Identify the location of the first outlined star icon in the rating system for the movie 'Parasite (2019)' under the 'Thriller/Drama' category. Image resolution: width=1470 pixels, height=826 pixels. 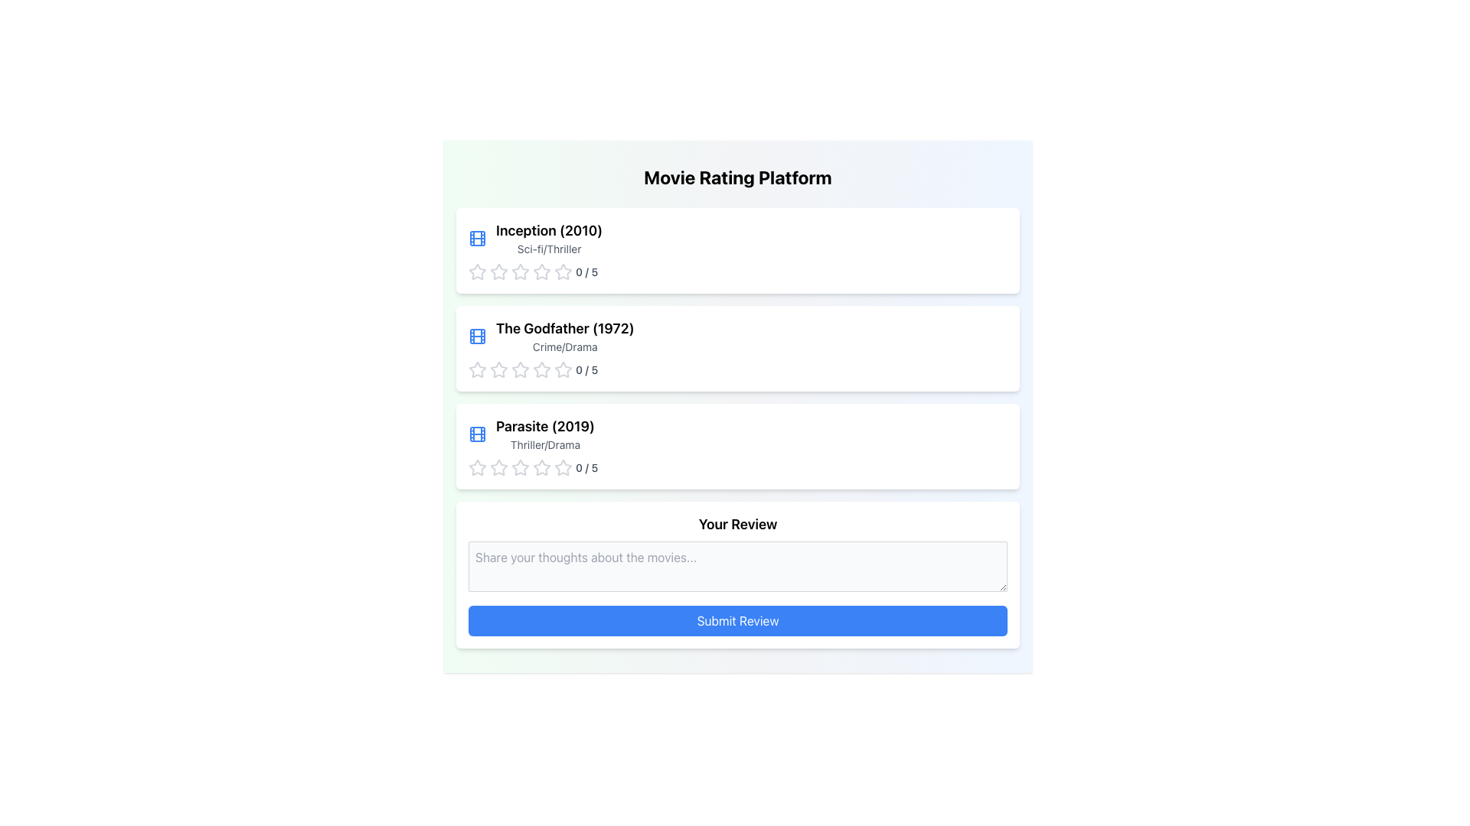
(499, 467).